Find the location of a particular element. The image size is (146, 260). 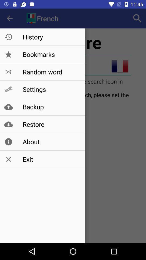

settings icon is located at coordinates (51, 89).